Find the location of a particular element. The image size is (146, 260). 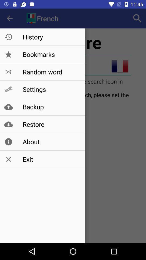

settings icon is located at coordinates (51, 89).